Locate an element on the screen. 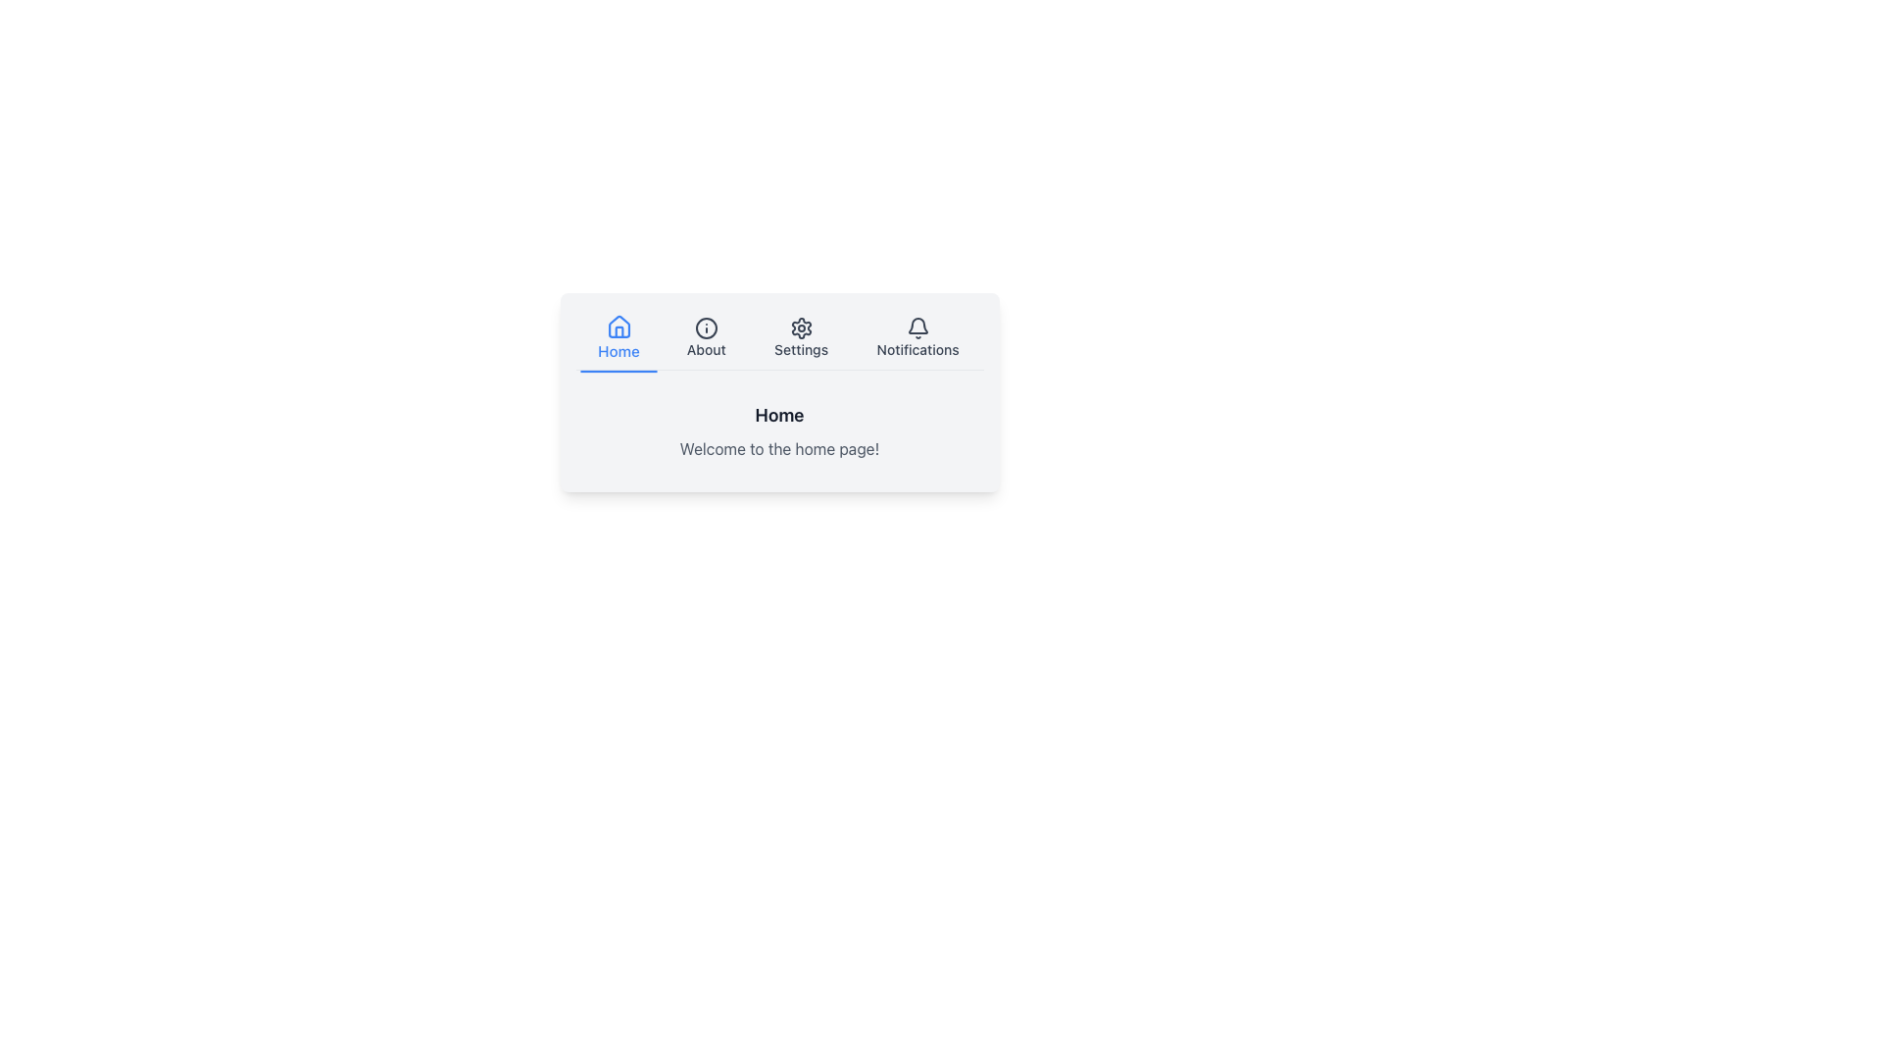  'Home' label text that identifies the navigation button for accessing the home page is located at coordinates (618, 350).